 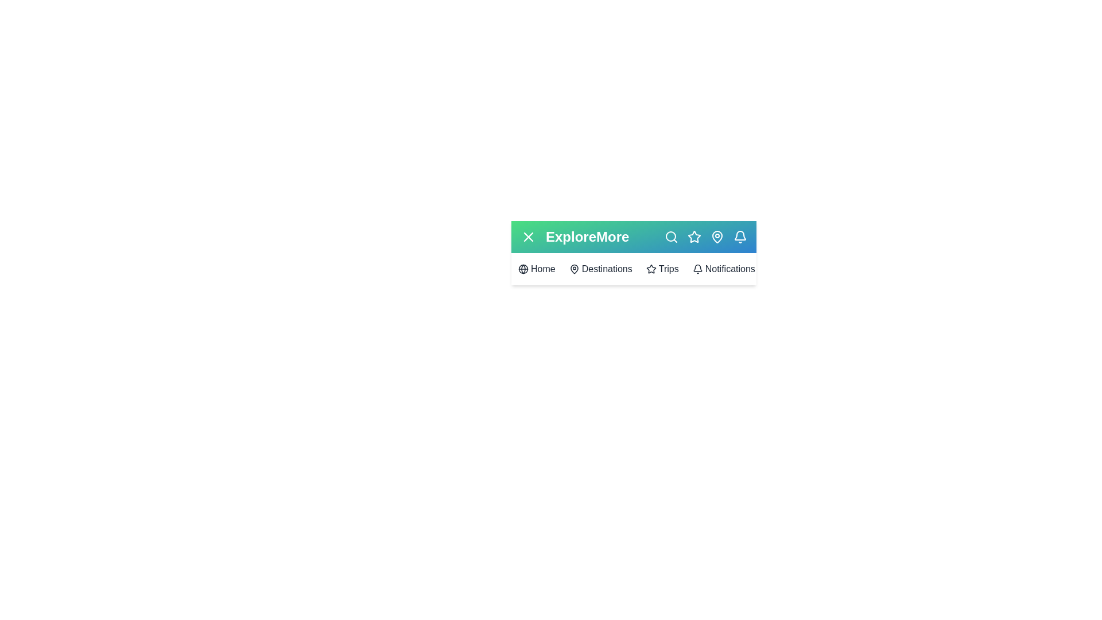 I want to click on the search icon in the navigation bar, so click(x=672, y=236).